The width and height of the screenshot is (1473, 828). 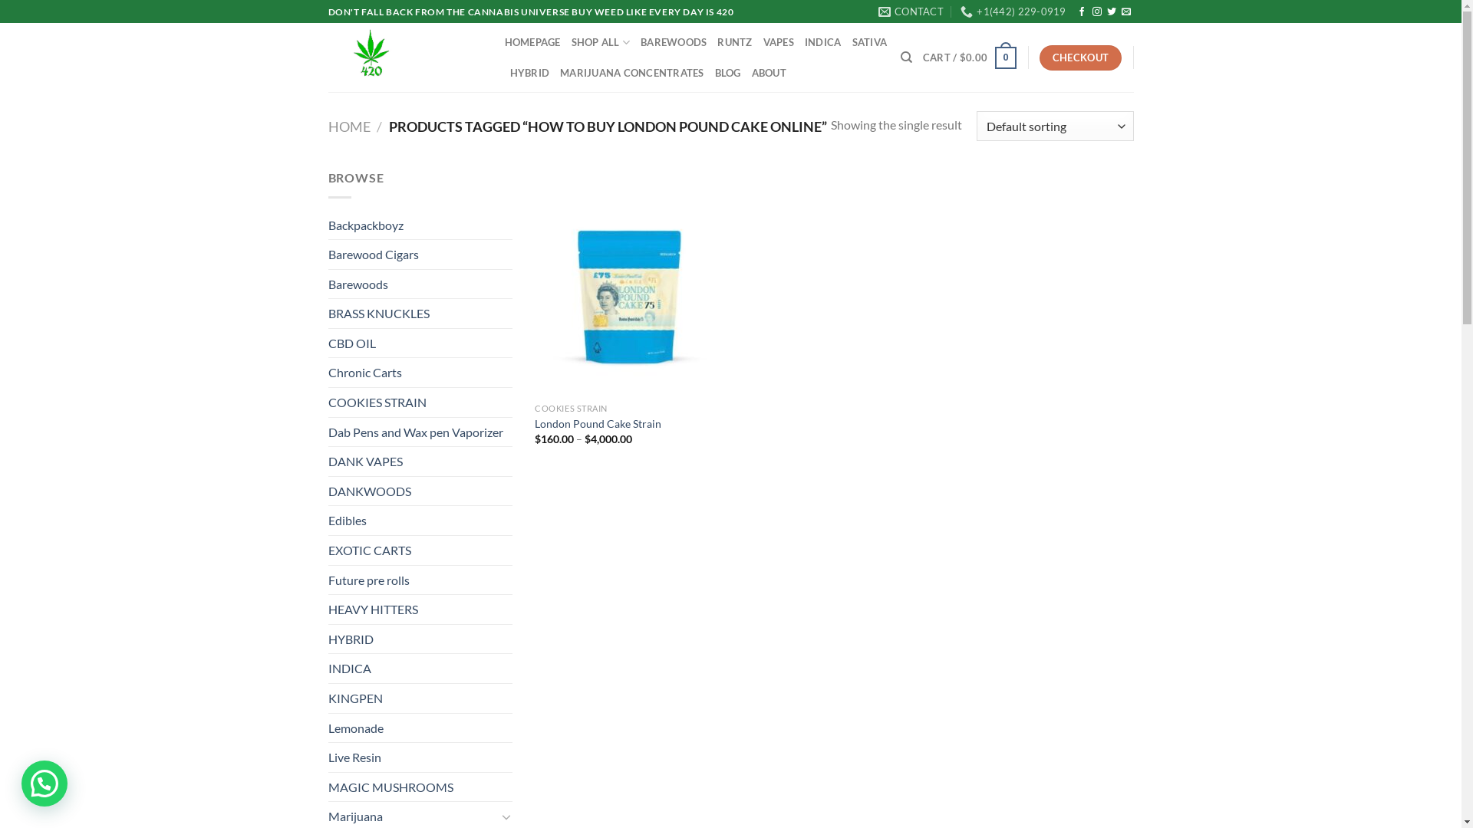 I want to click on 'HOME', so click(x=348, y=126).